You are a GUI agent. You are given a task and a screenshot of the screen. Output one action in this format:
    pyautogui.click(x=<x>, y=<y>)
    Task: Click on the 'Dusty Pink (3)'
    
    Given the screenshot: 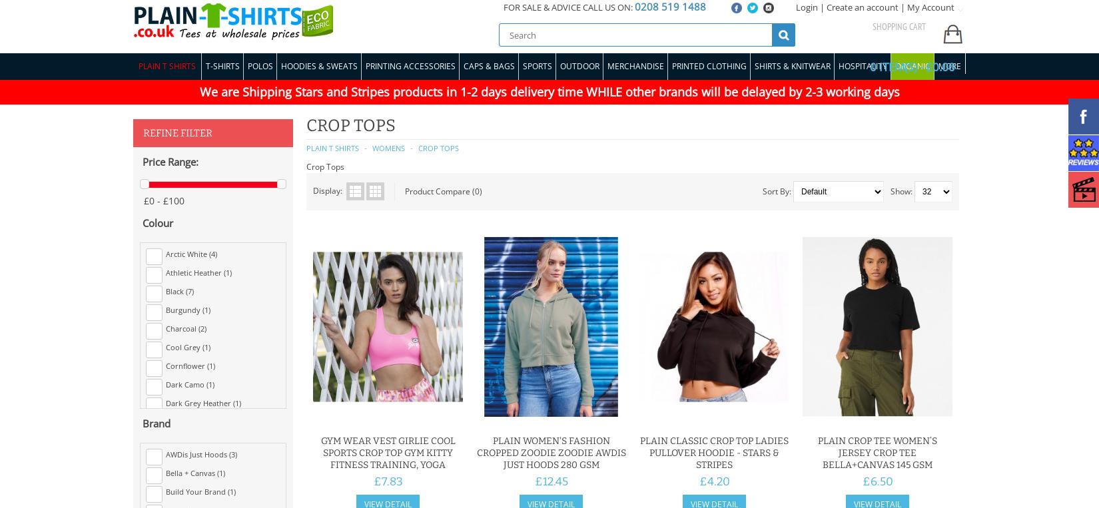 What is the action you would take?
    pyautogui.click(x=165, y=457)
    